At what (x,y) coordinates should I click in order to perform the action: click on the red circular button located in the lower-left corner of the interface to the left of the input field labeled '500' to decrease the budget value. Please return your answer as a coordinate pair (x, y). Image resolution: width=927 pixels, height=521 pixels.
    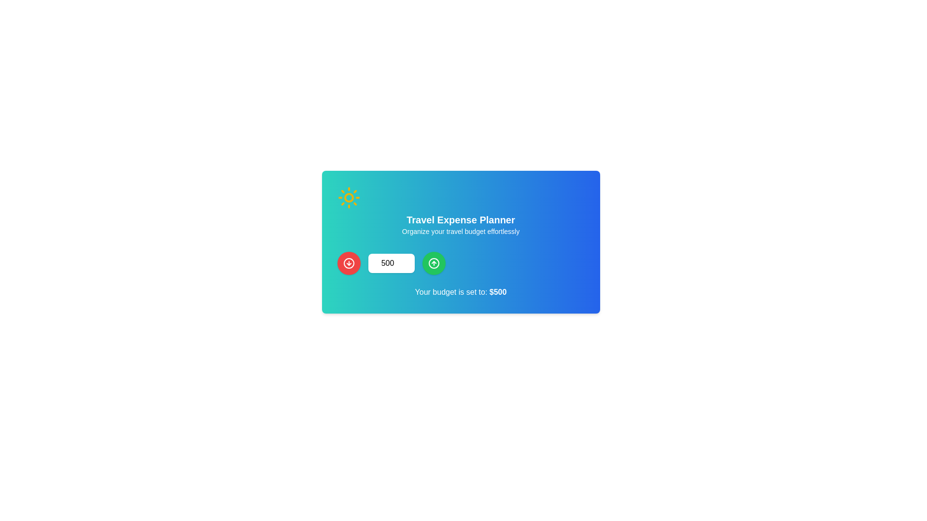
    Looking at the image, I should click on (348, 263).